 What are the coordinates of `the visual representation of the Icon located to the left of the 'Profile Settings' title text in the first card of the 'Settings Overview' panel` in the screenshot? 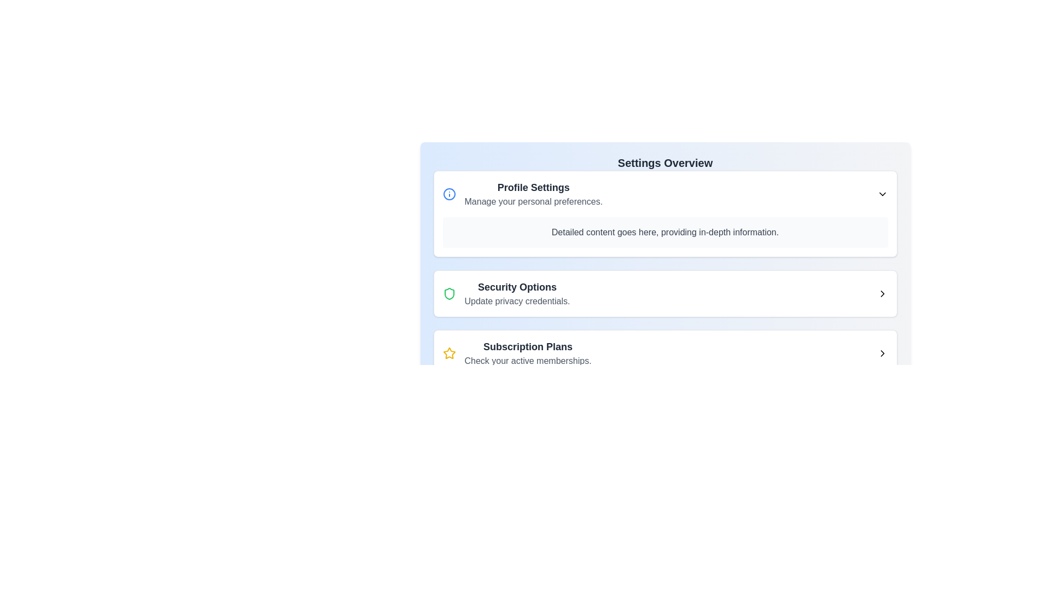 It's located at (449, 193).